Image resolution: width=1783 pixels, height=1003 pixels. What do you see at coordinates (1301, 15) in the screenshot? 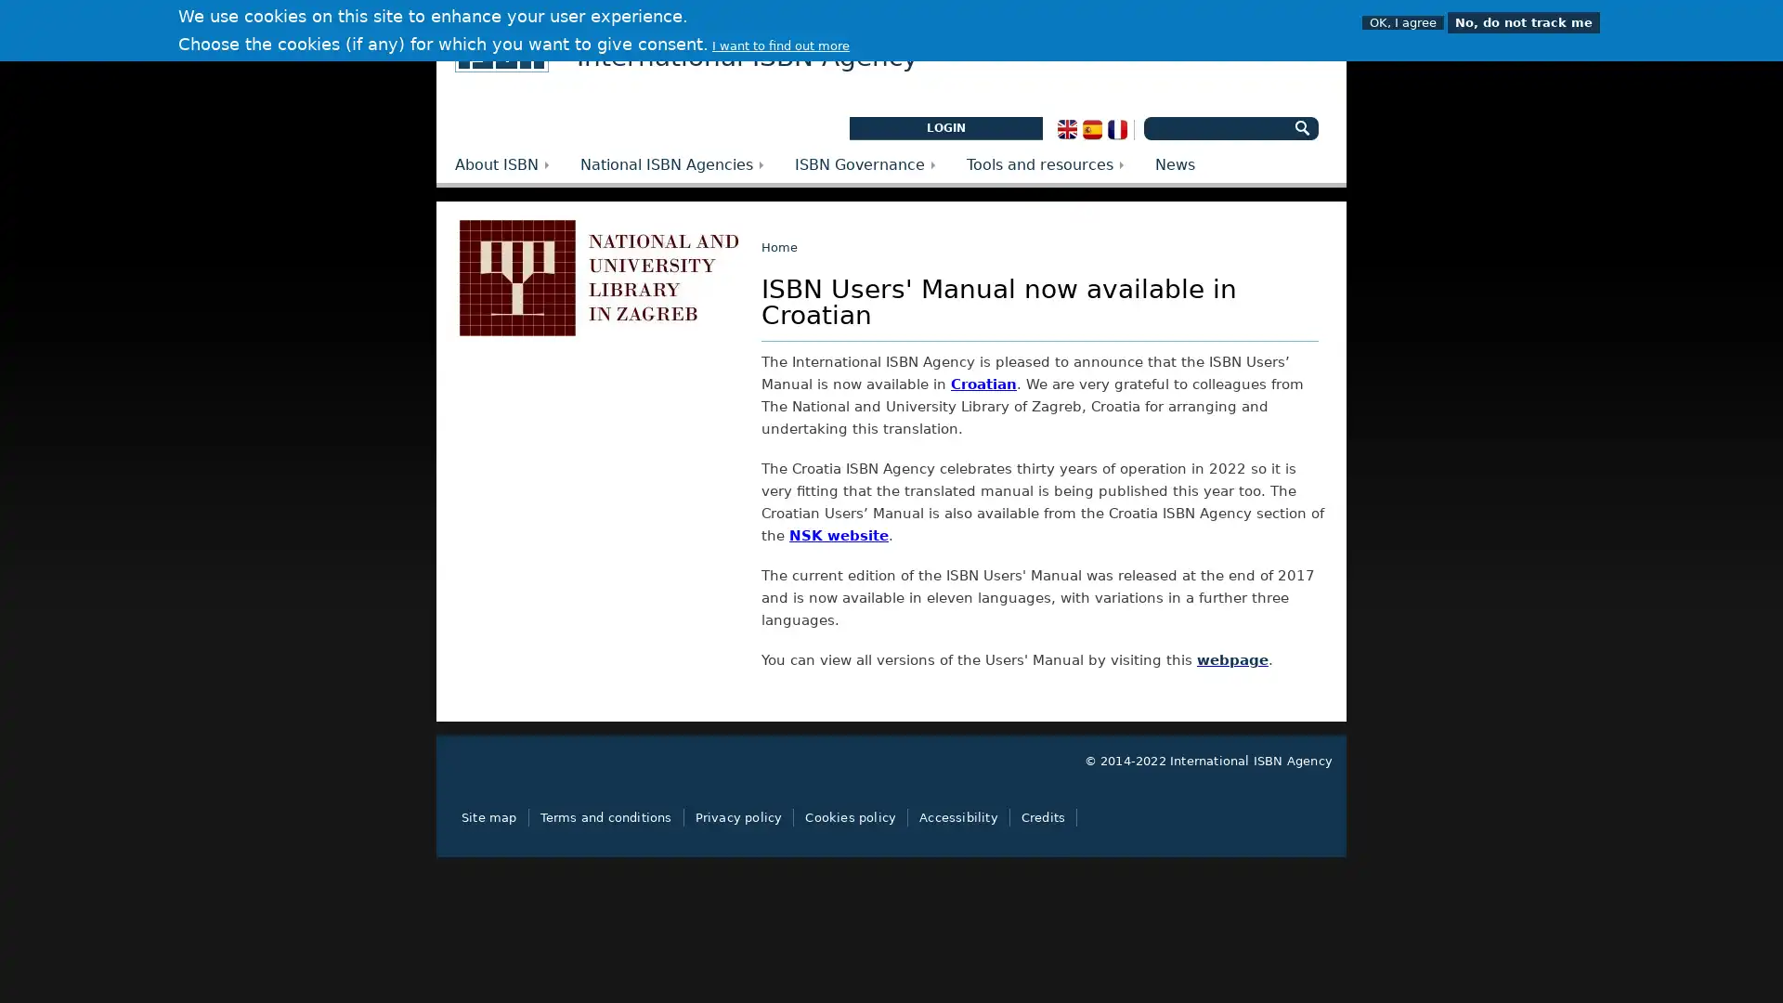
I see `OFF` at bounding box center [1301, 15].